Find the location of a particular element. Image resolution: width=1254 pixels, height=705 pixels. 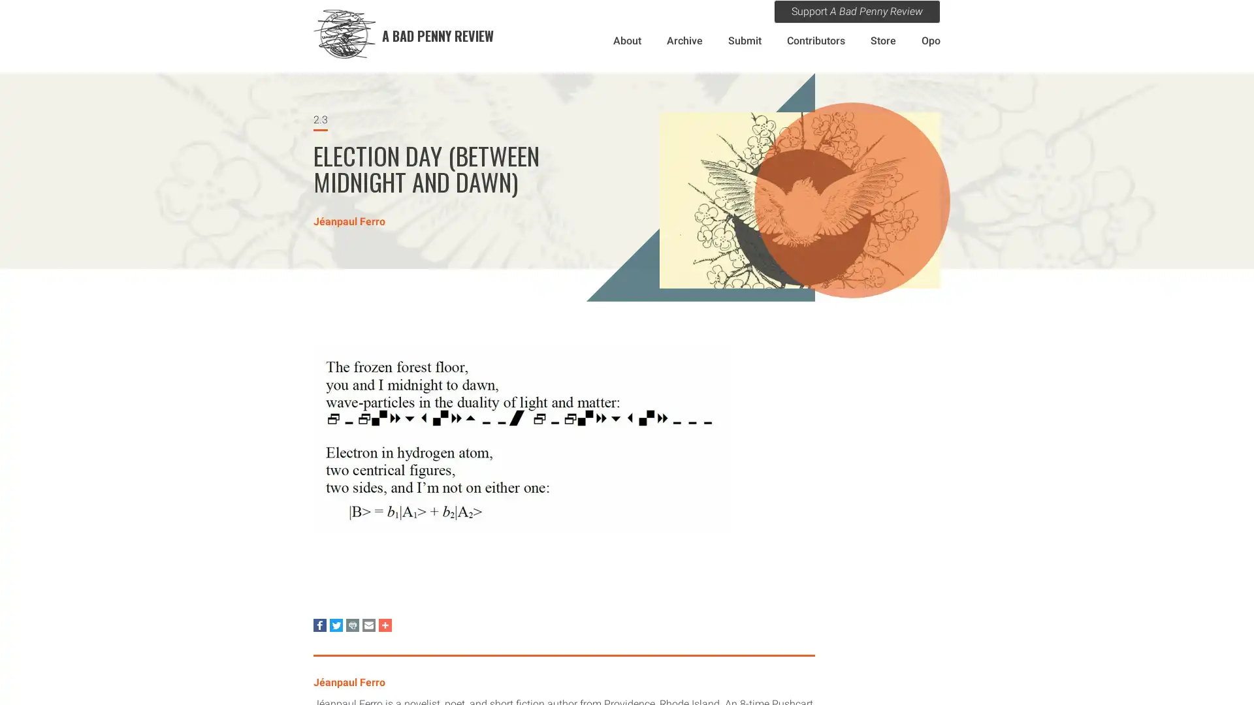

Share to Print is located at coordinates (352, 624).